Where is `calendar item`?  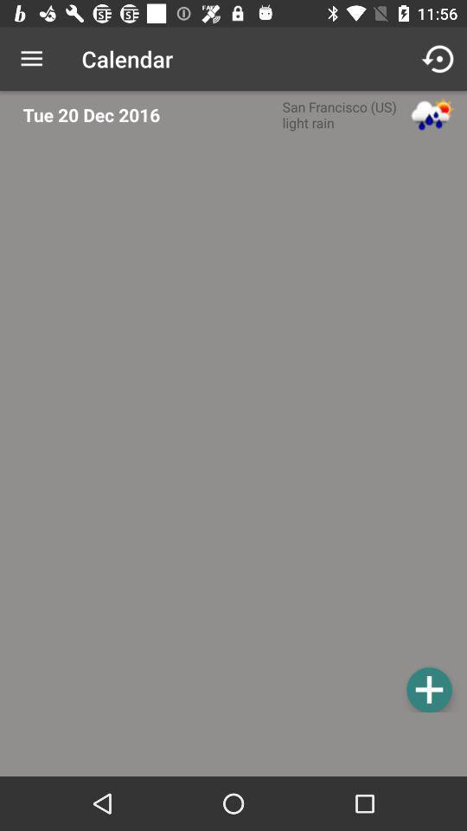 calendar item is located at coordinates (238, 427).